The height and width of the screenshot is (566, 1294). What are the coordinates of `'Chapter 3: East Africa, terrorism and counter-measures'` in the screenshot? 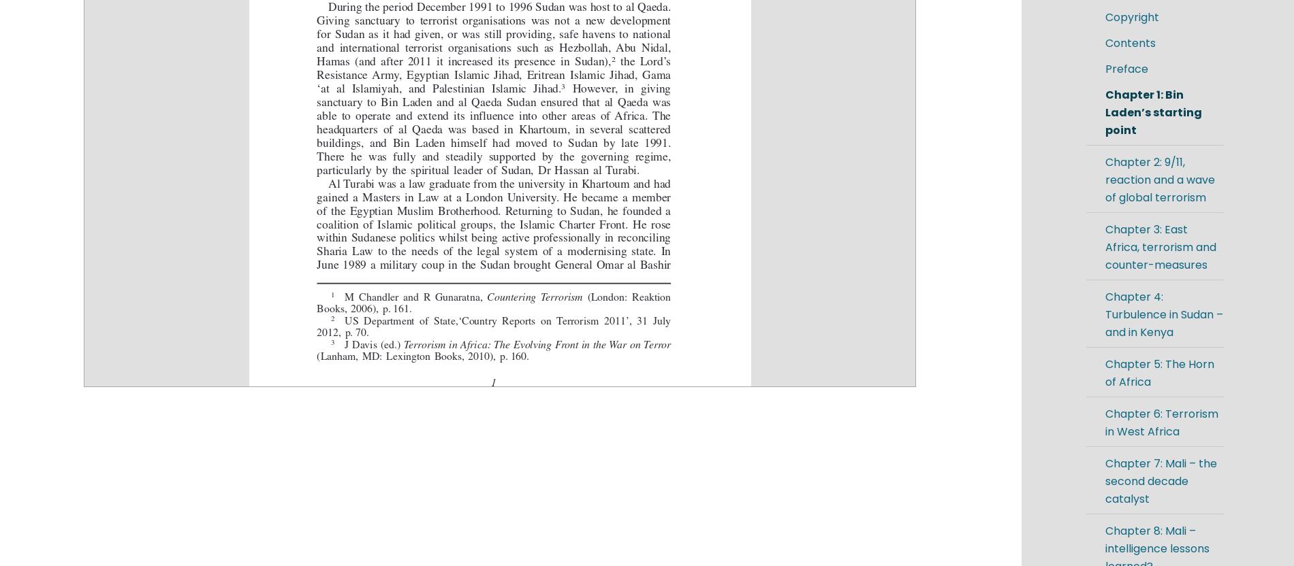 It's located at (1159, 247).